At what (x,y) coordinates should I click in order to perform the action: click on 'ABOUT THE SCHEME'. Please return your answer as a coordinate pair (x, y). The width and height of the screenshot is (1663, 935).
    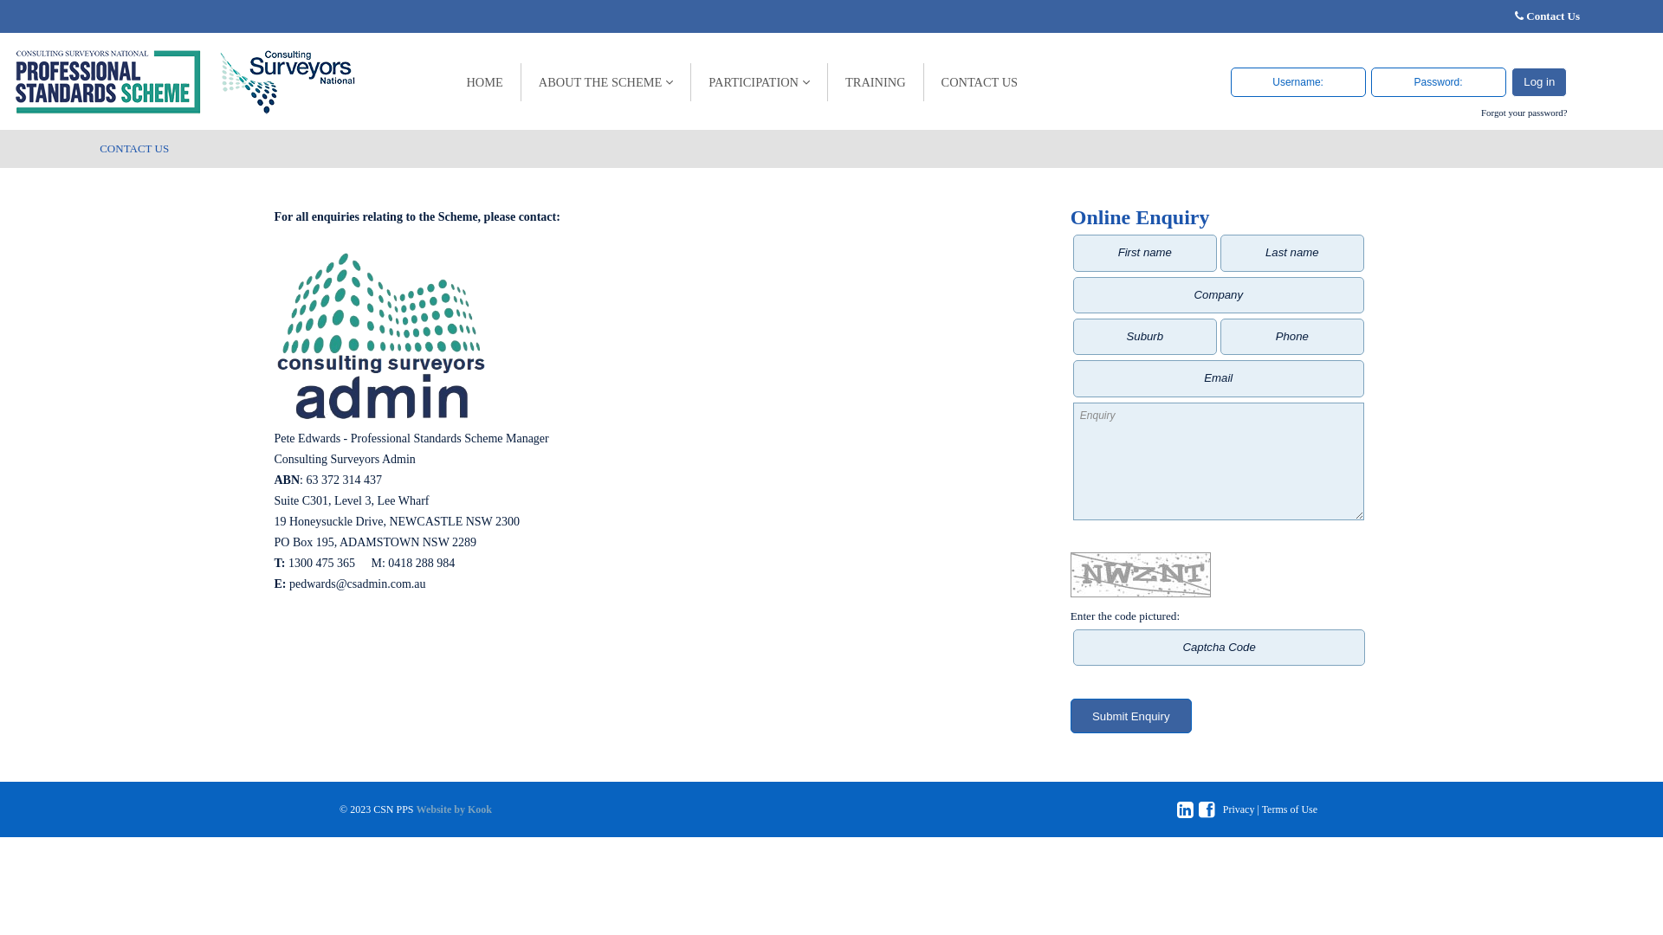
    Looking at the image, I should click on (606, 82).